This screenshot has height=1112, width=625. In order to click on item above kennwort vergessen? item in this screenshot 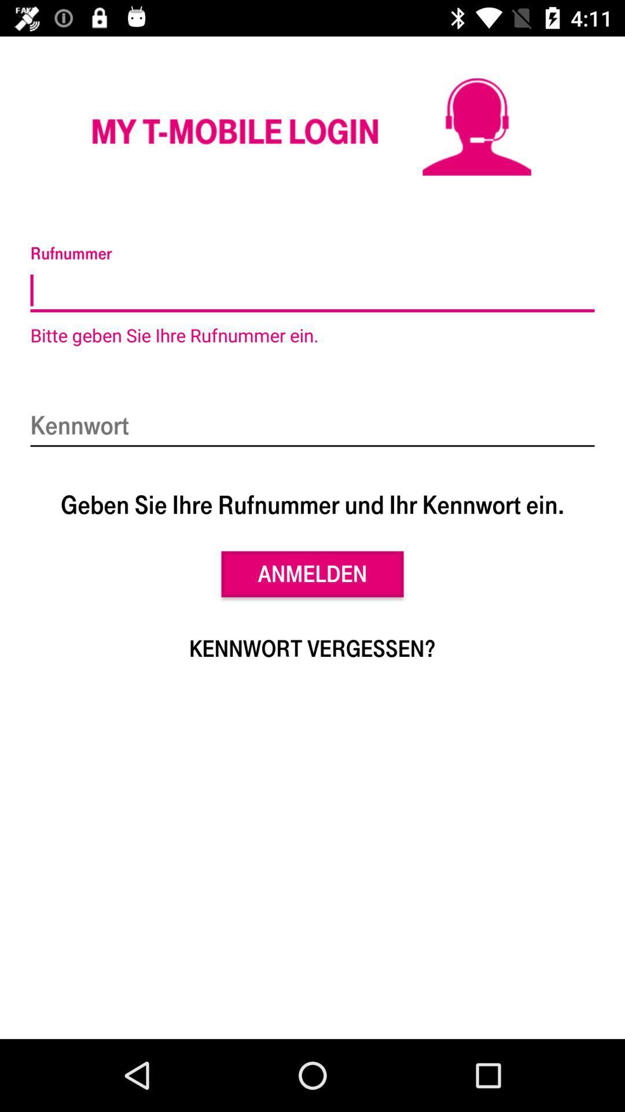, I will do `click(312, 574)`.